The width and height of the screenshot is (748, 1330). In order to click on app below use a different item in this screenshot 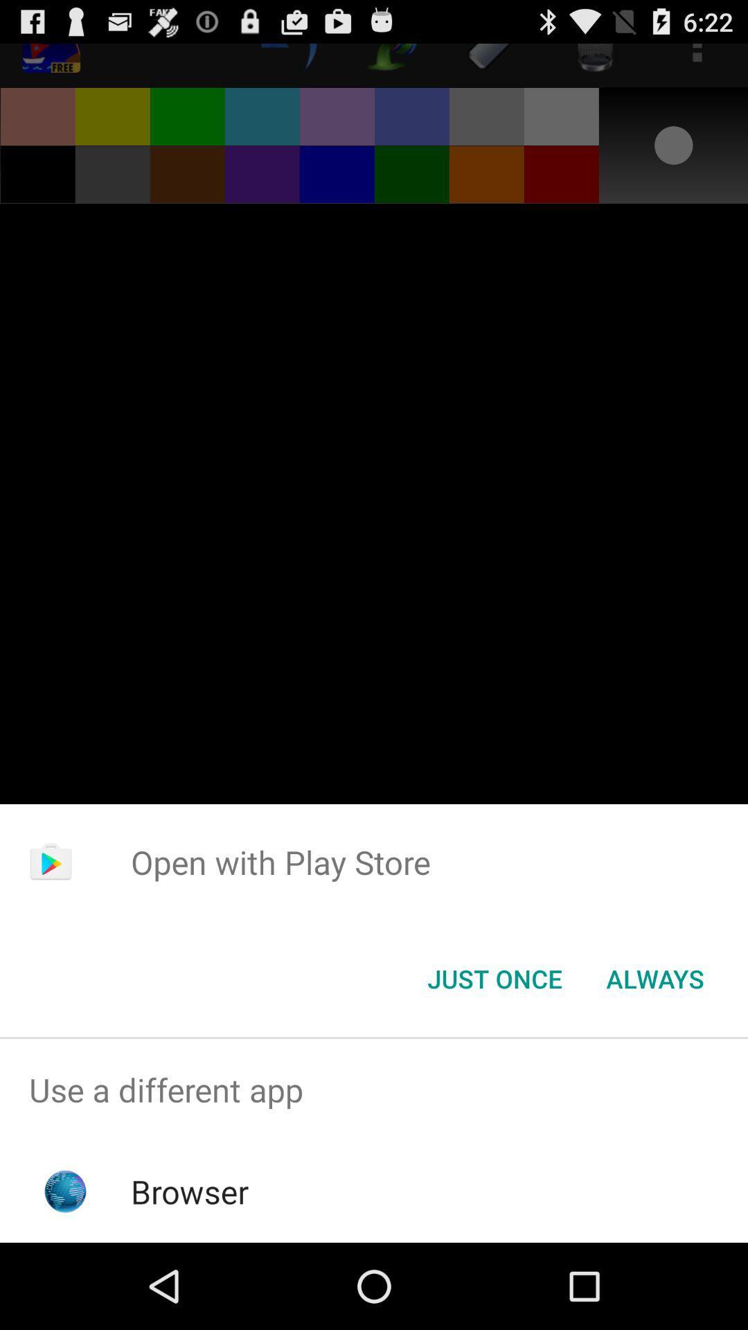, I will do `click(190, 1191)`.